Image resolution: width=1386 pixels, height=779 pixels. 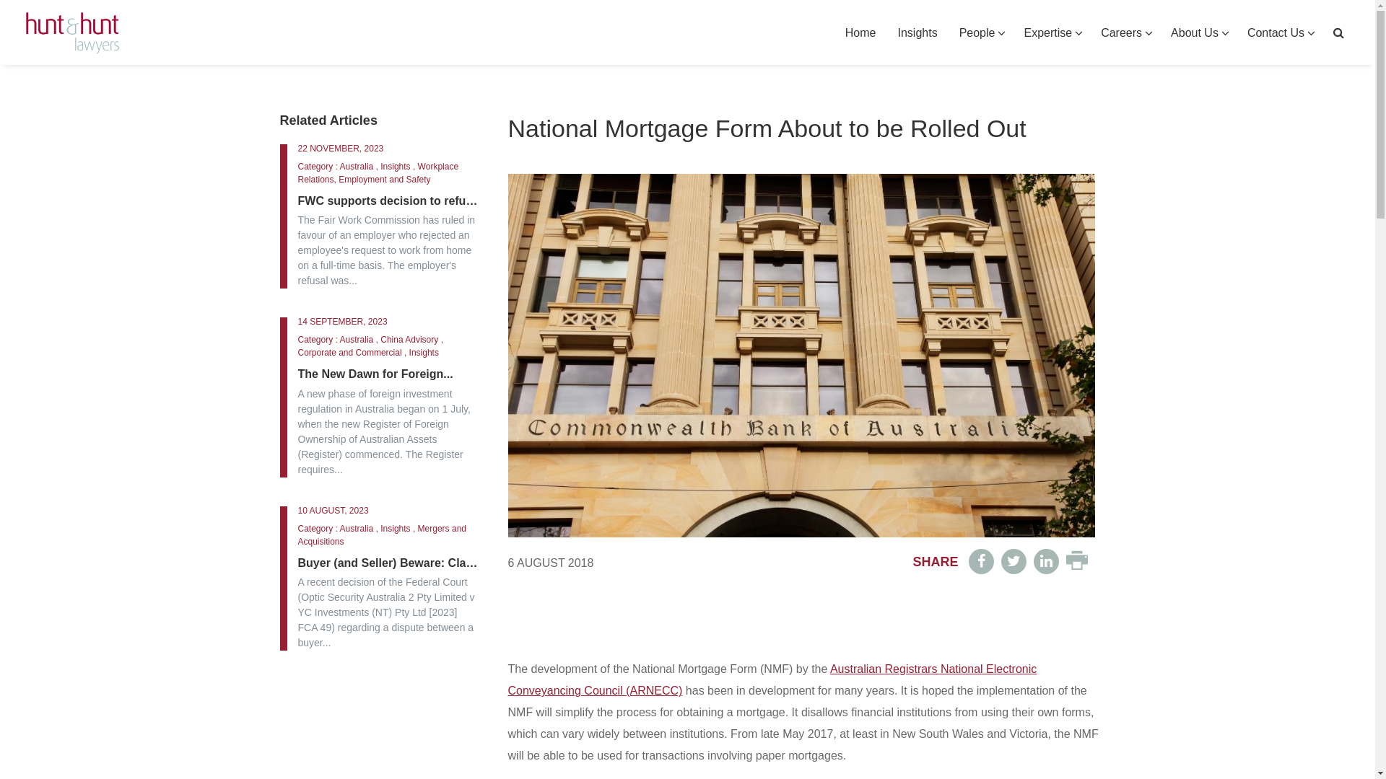 What do you see at coordinates (395, 528) in the screenshot?
I see `'Insights'` at bounding box center [395, 528].